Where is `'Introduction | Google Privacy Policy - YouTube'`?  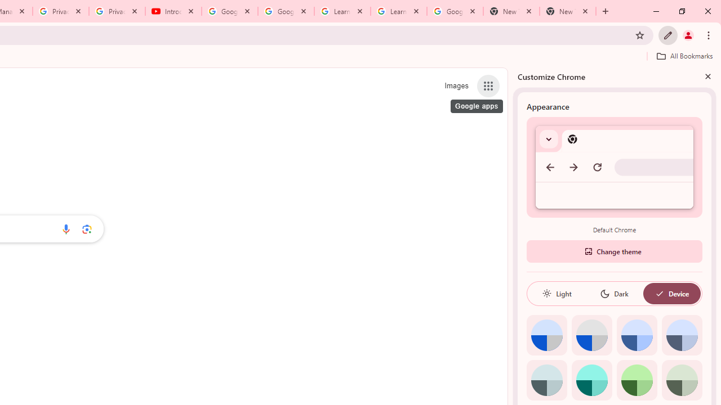
'Introduction | Google Privacy Policy - YouTube' is located at coordinates (173, 11).